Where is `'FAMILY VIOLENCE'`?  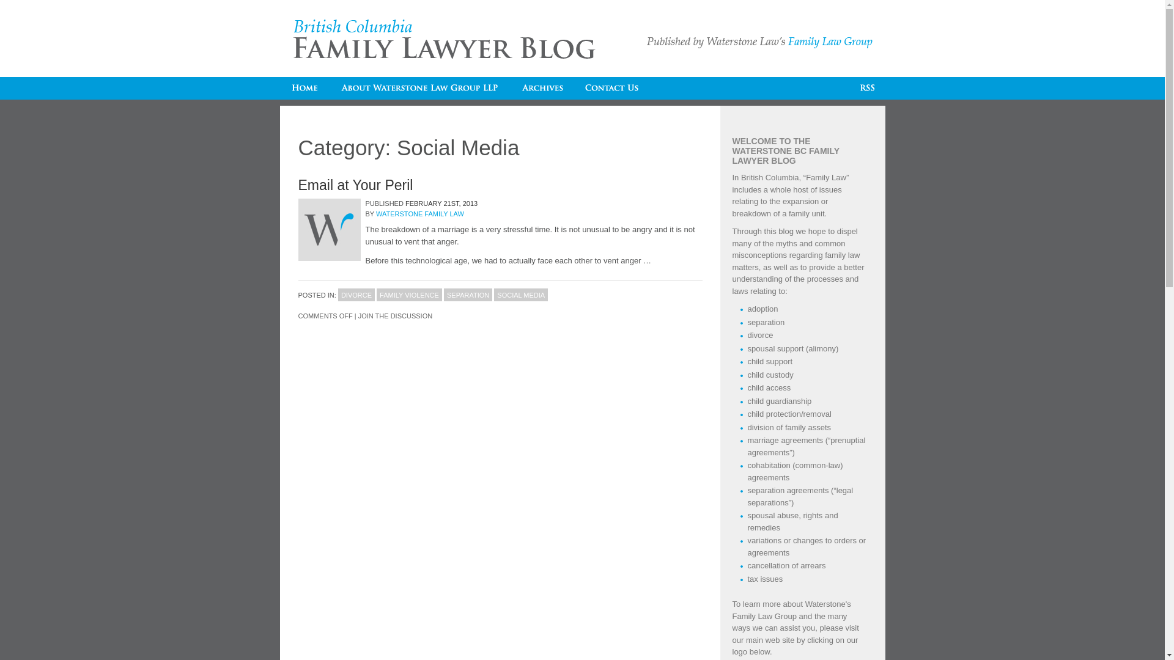
'FAMILY VIOLENCE' is located at coordinates (409, 295).